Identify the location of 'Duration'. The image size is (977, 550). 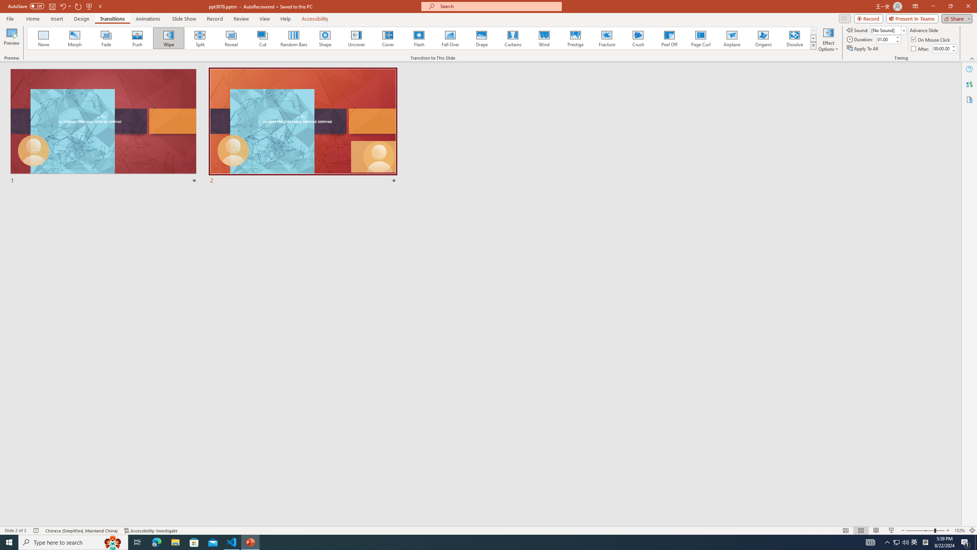
(885, 39).